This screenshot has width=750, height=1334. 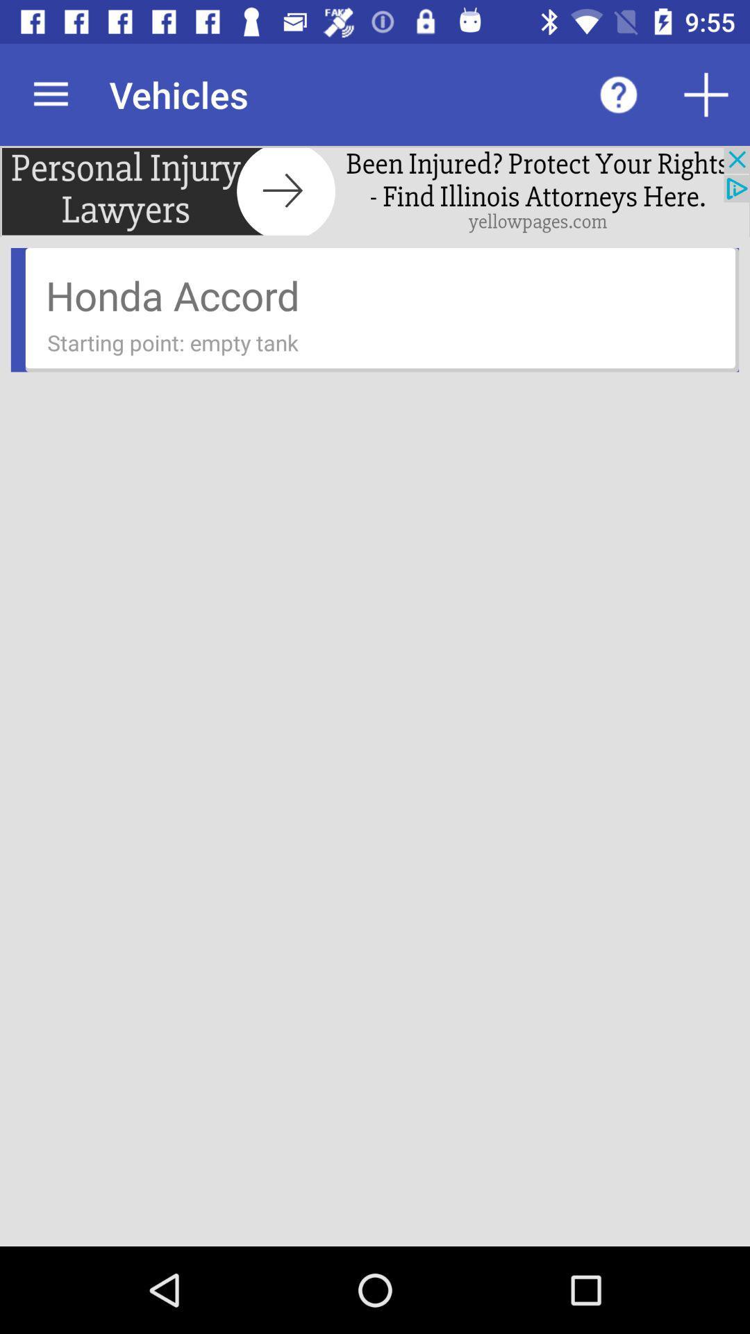 I want to click on vehicle button, so click(x=706, y=94).